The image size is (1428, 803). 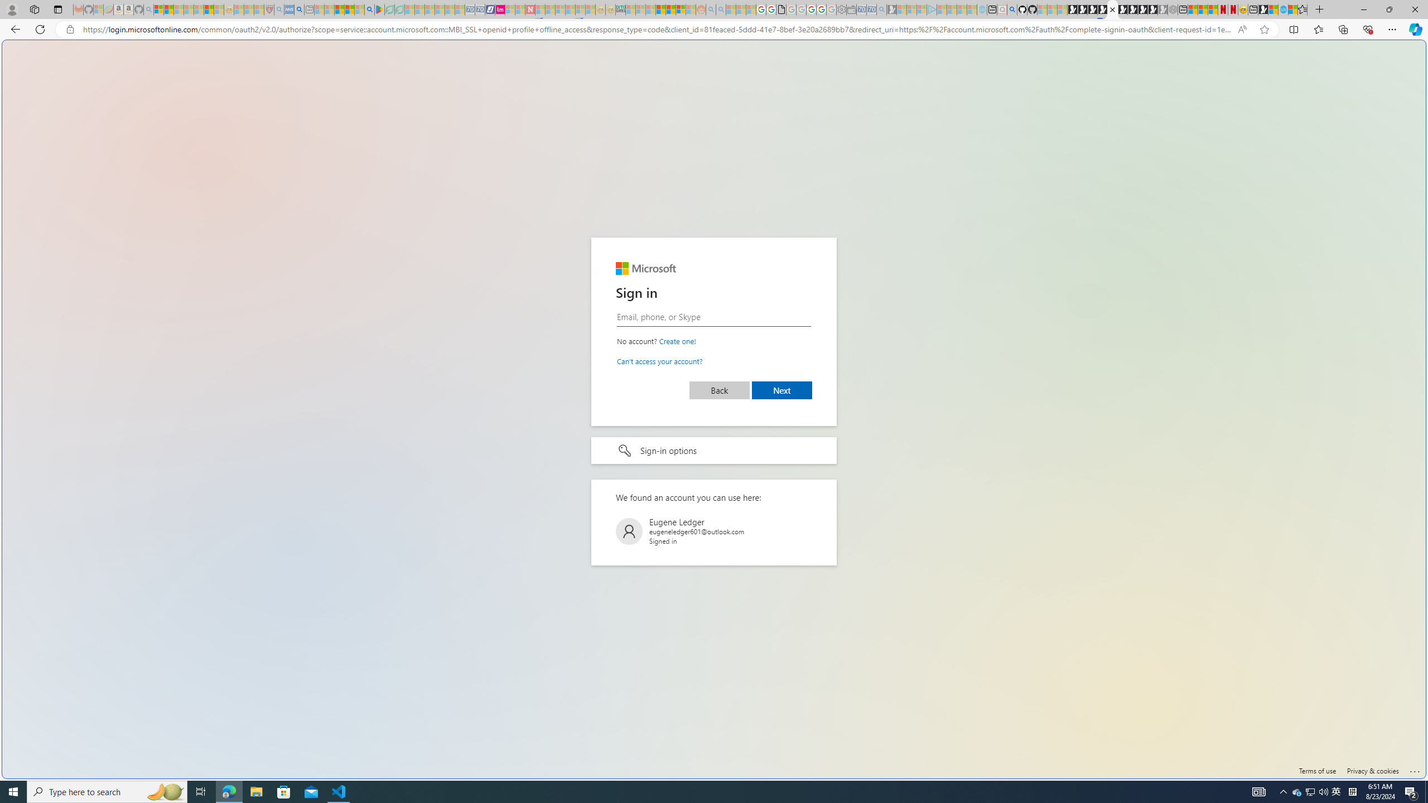 What do you see at coordinates (1414, 768) in the screenshot?
I see `'Click here for troubleshooting information'` at bounding box center [1414, 768].